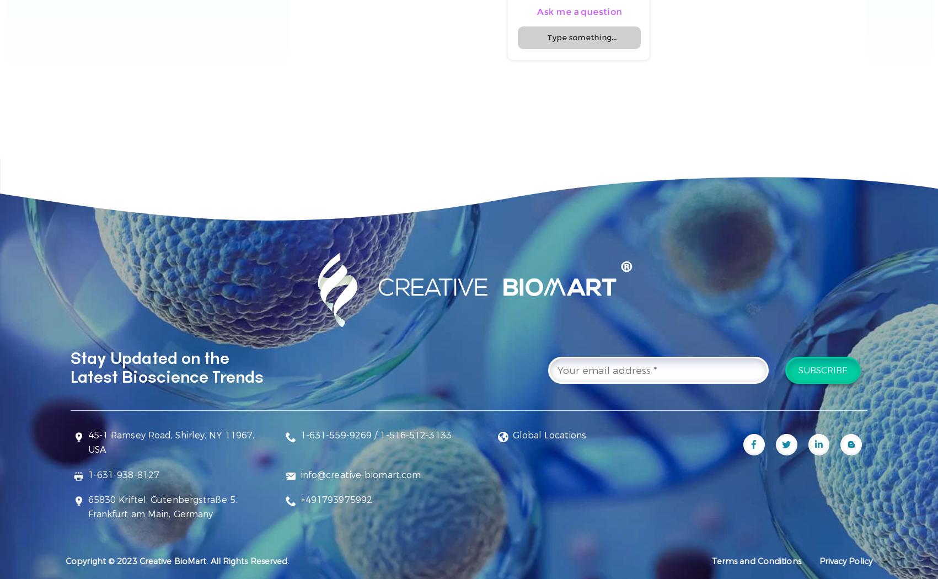 The width and height of the screenshot is (938, 579). Describe the element at coordinates (335, 500) in the screenshot. I see `'+491793975992'` at that location.